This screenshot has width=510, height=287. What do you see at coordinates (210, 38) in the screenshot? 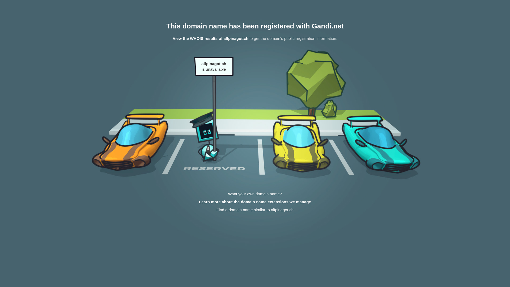
I see `'View the WHOIS results of alfpinagot.ch'` at bounding box center [210, 38].